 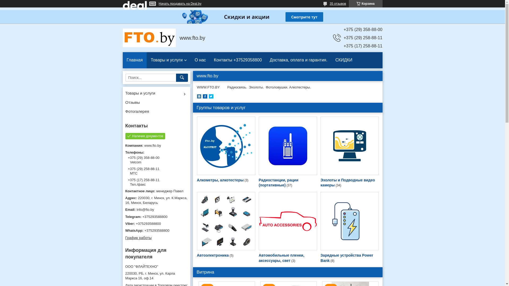 What do you see at coordinates (125, 209) in the screenshot?
I see `'info@fto.by'` at bounding box center [125, 209].